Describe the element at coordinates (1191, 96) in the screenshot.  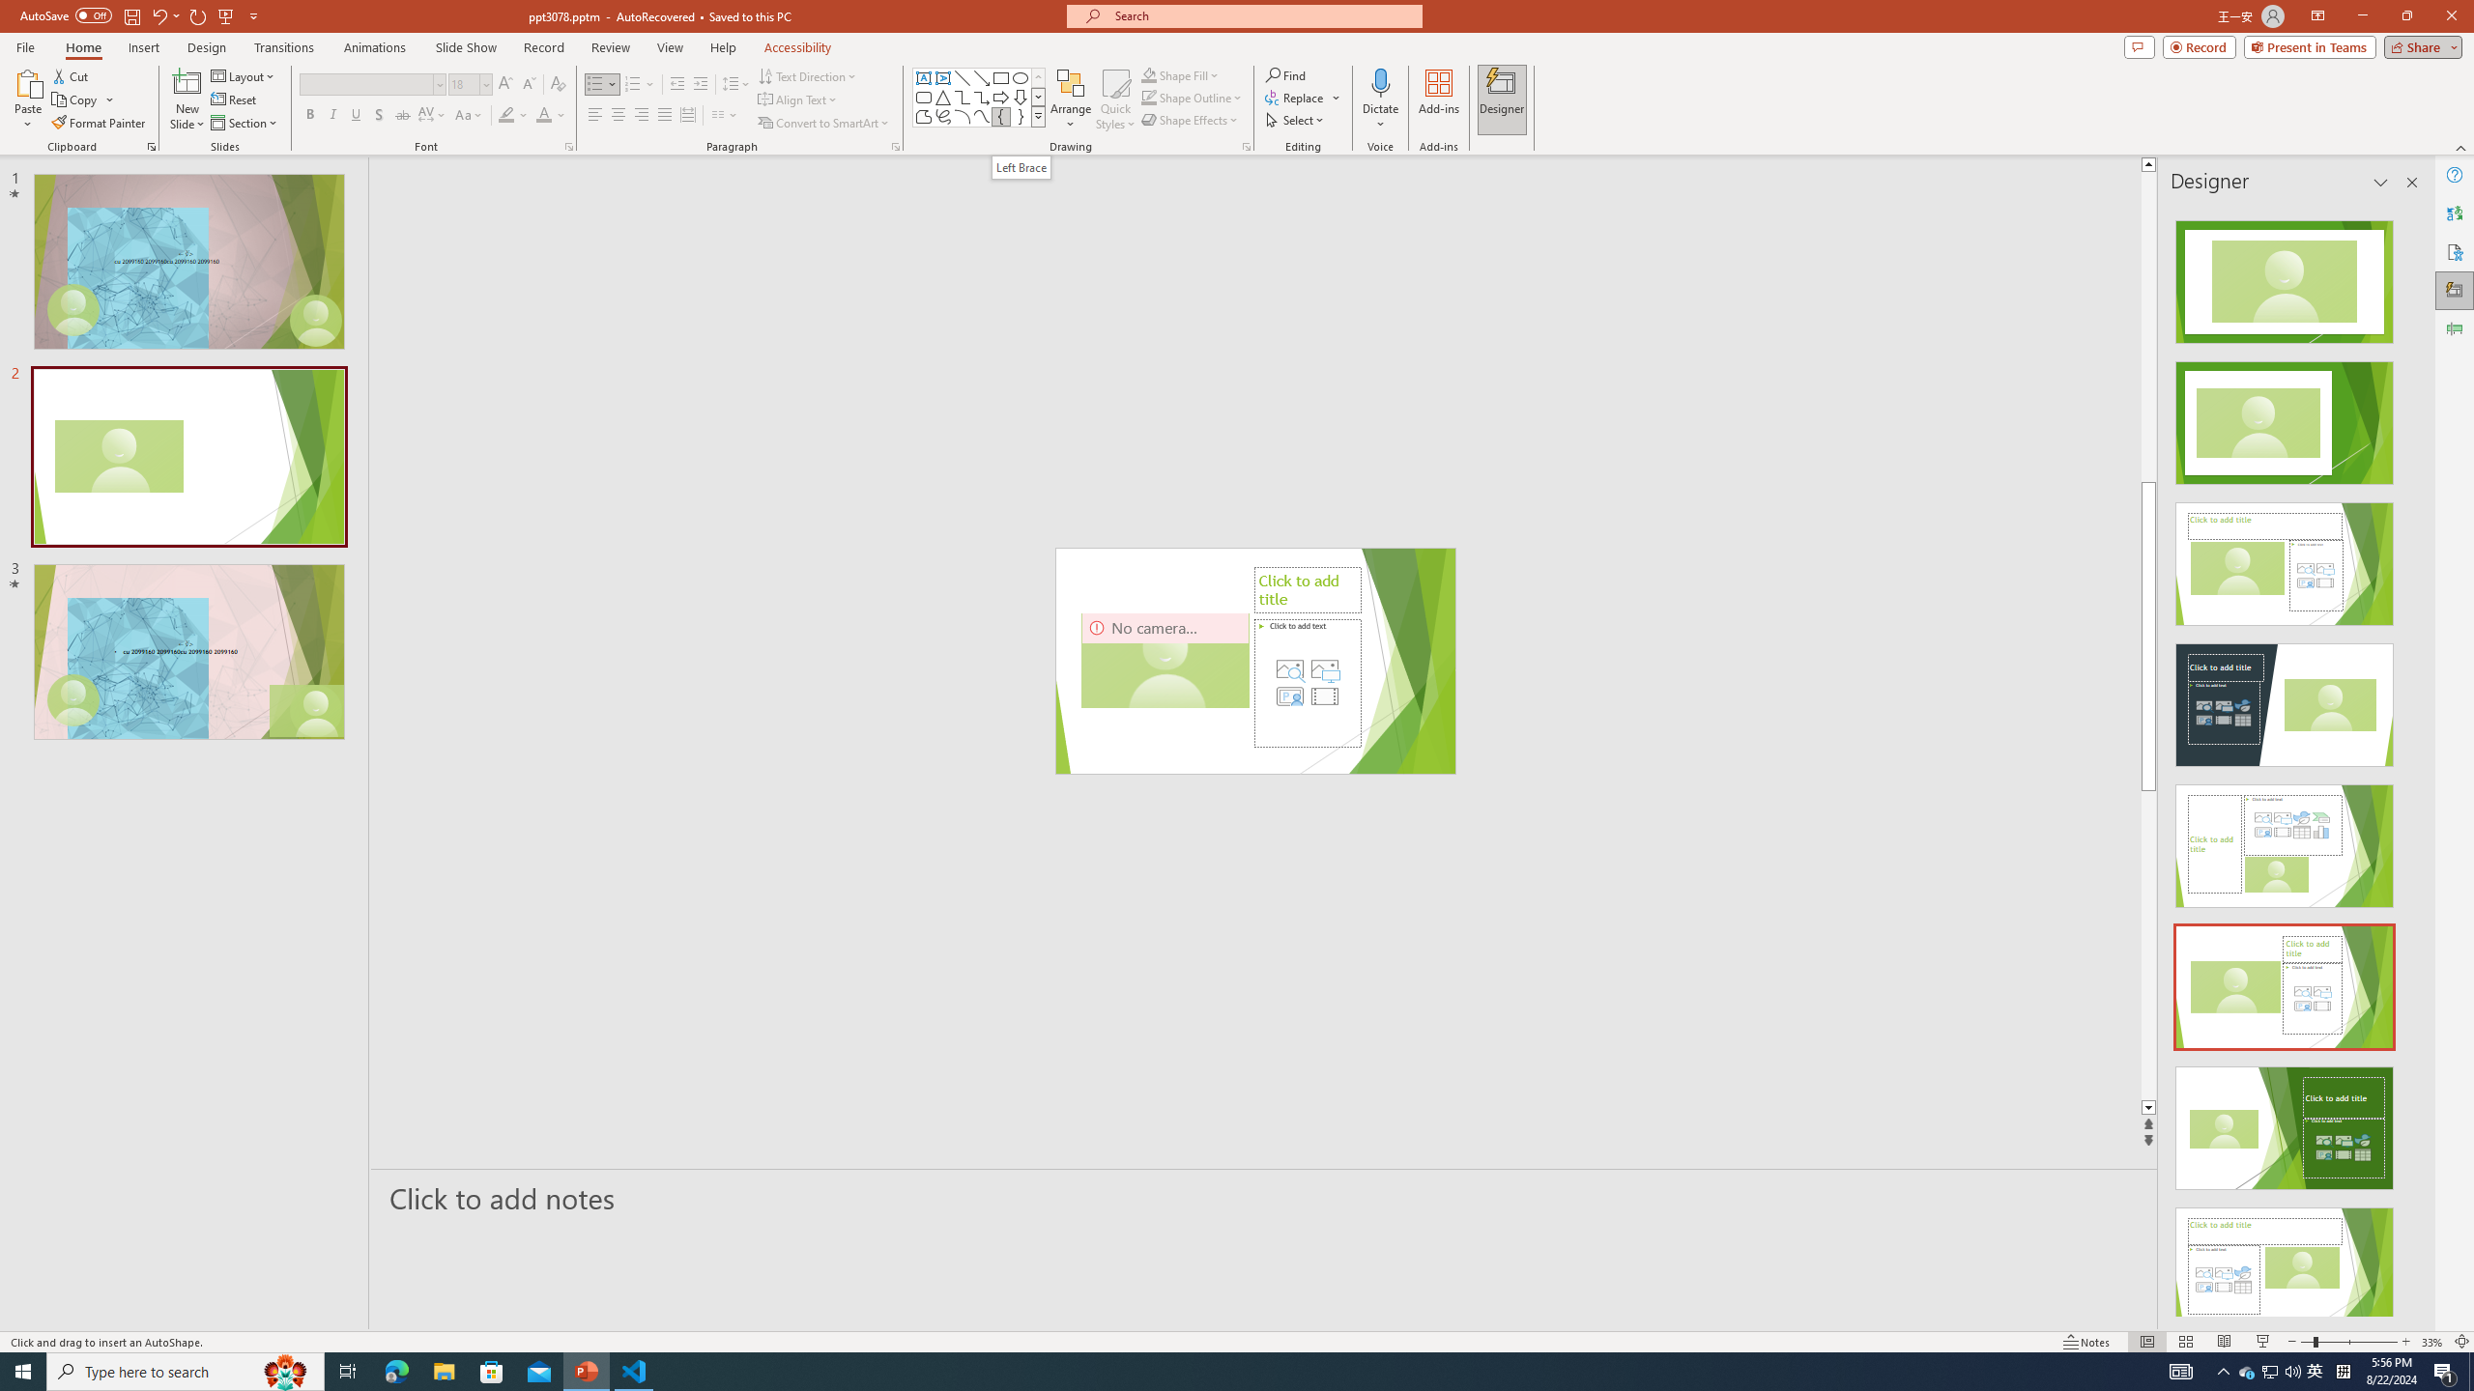
I see `'Shape Outline'` at that location.